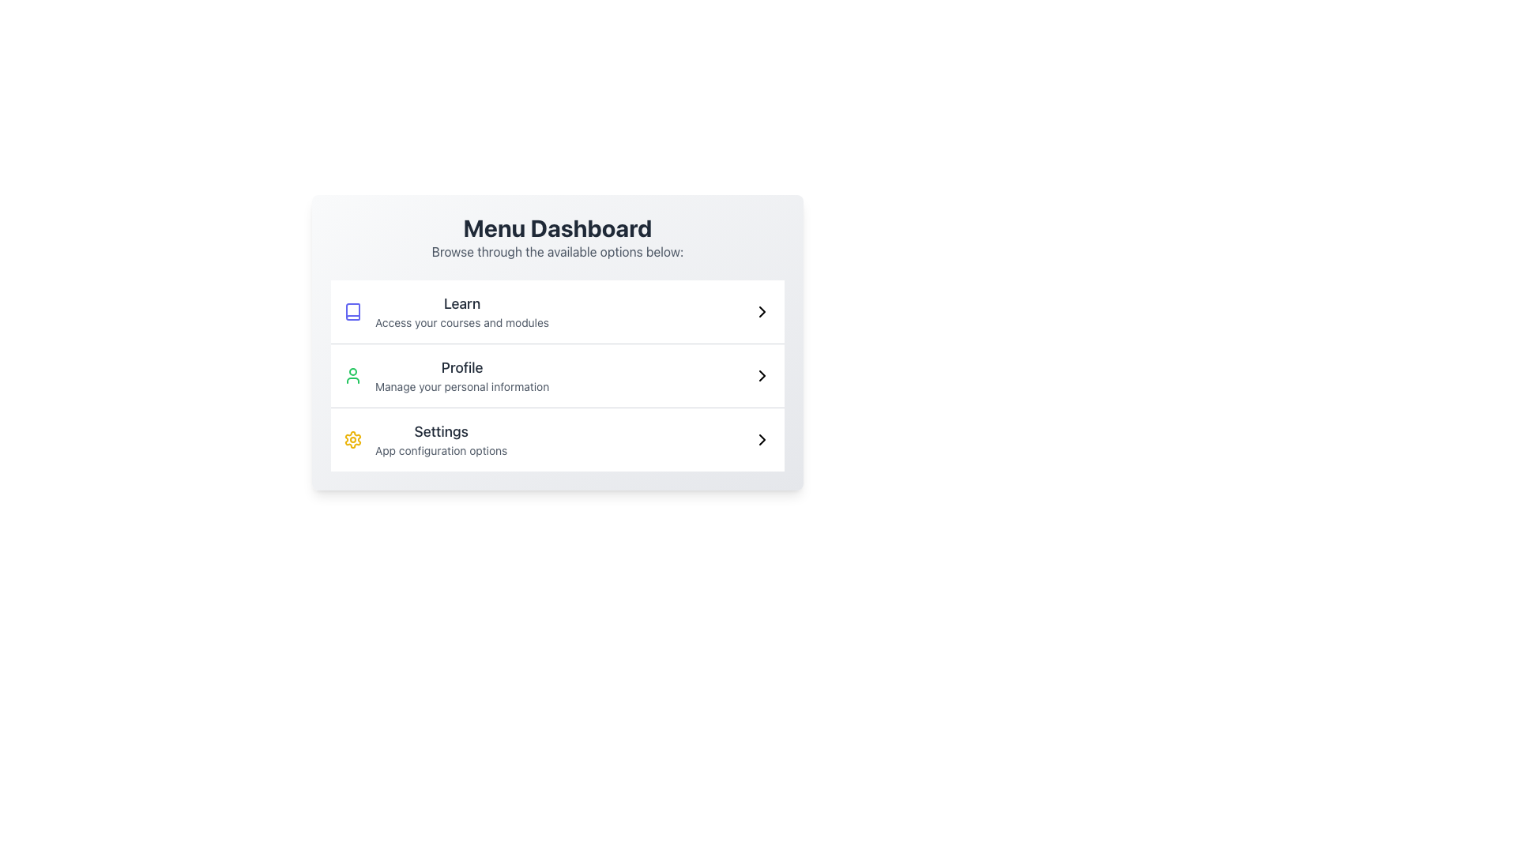 The width and height of the screenshot is (1517, 853). Describe the element at coordinates (461, 386) in the screenshot. I see `informational text 'Manage your personal information' displayed in gray beneath the 'Profile' title` at that location.